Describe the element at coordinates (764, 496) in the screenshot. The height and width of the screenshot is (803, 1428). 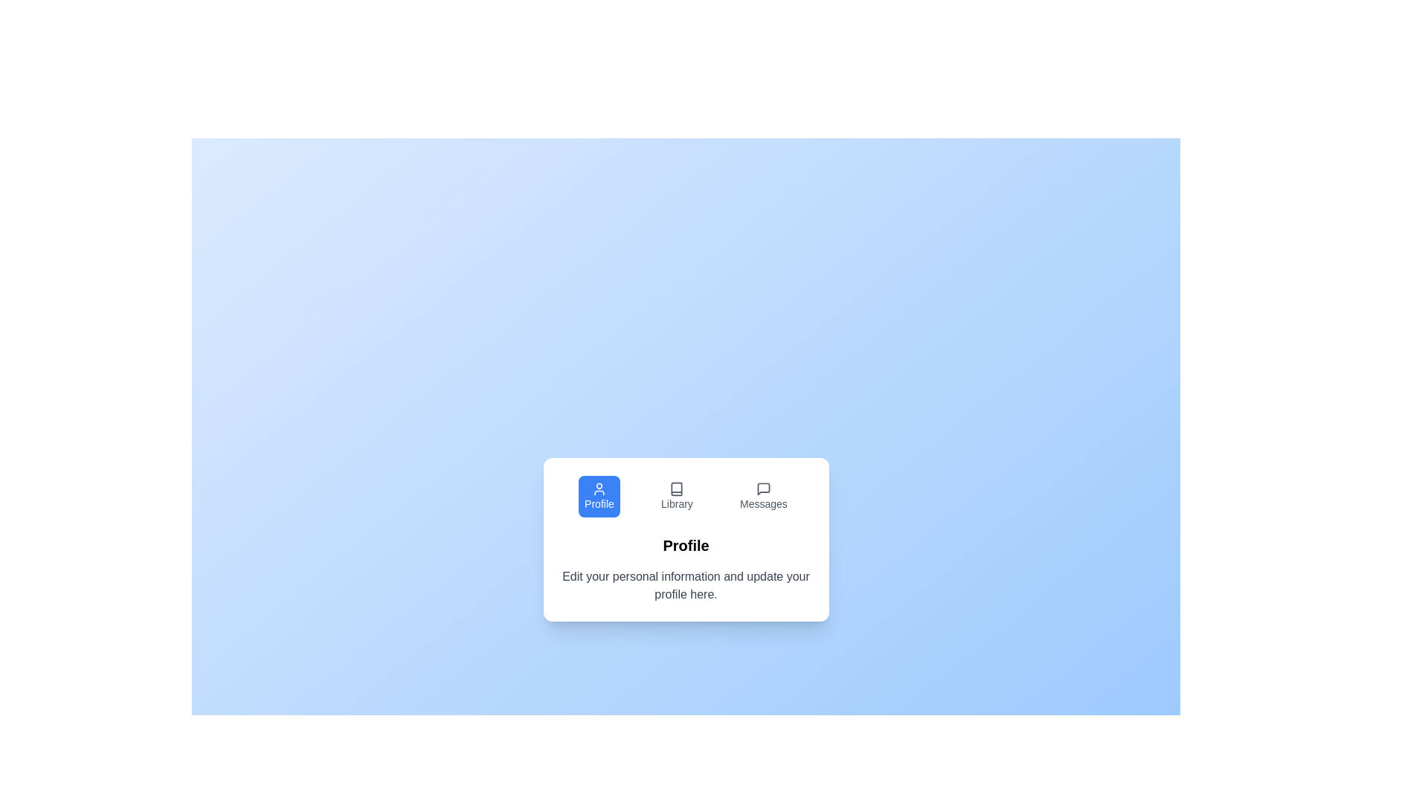
I see `the Messages tab` at that location.